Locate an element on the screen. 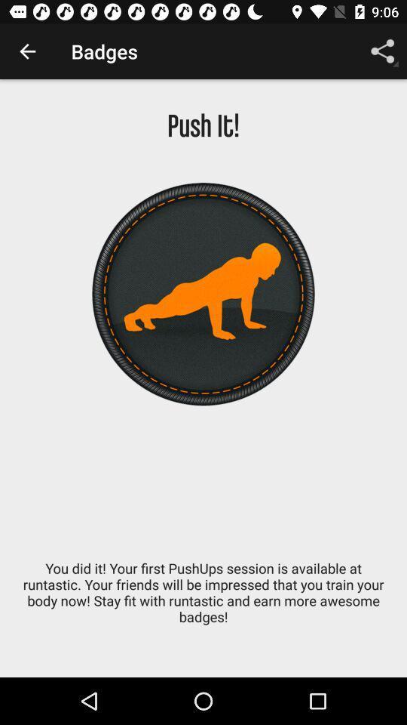 The height and width of the screenshot is (725, 407). app to the left of badges icon is located at coordinates (27, 51).